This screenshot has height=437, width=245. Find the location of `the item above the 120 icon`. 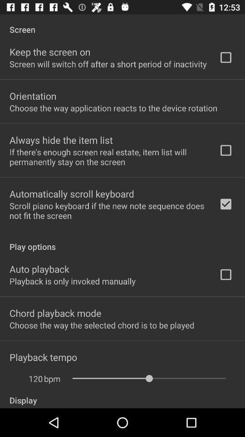

the item above the 120 icon is located at coordinates (43, 357).